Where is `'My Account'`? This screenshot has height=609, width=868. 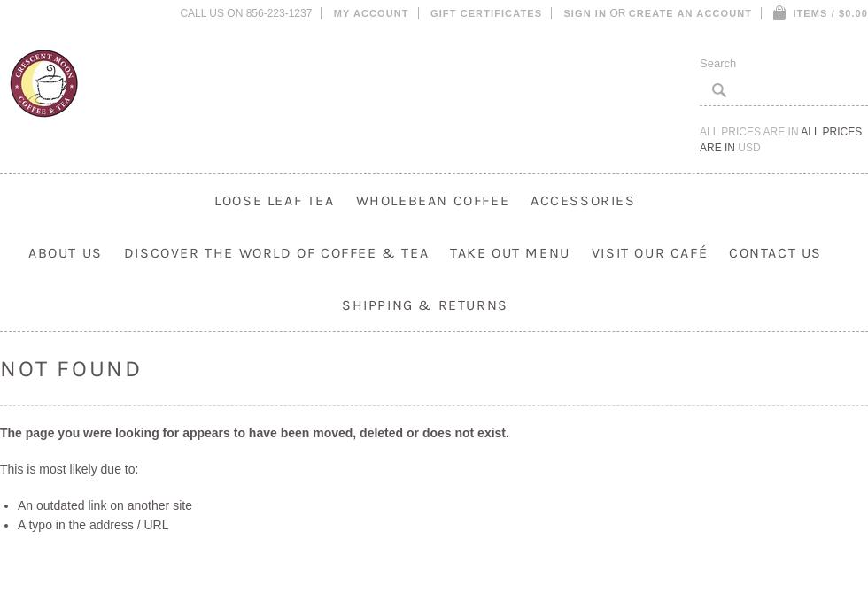
'My Account' is located at coordinates (333, 12).